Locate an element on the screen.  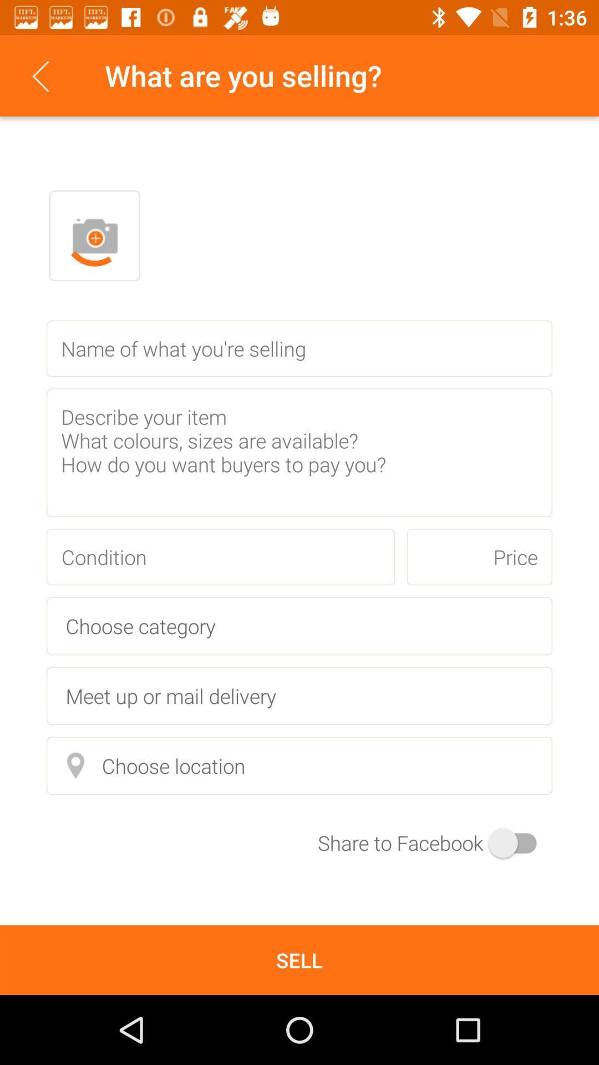
icon on the right is located at coordinates (479, 557).